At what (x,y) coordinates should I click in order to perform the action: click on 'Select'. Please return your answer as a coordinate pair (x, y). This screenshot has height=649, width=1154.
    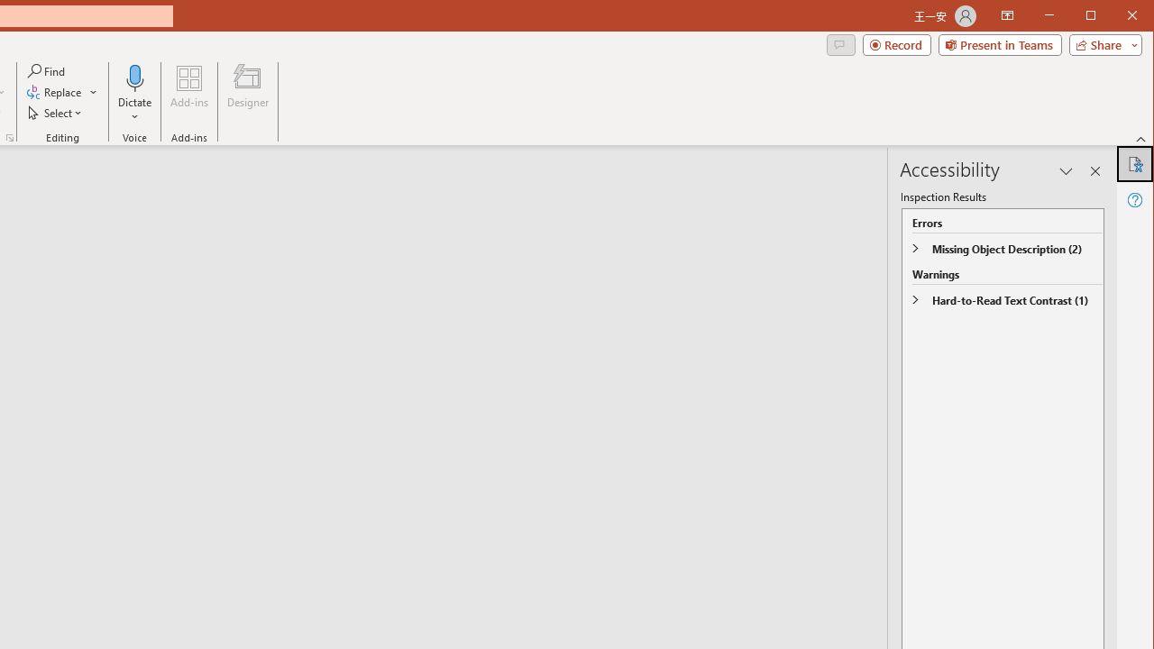
    Looking at the image, I should click on (56, 113).